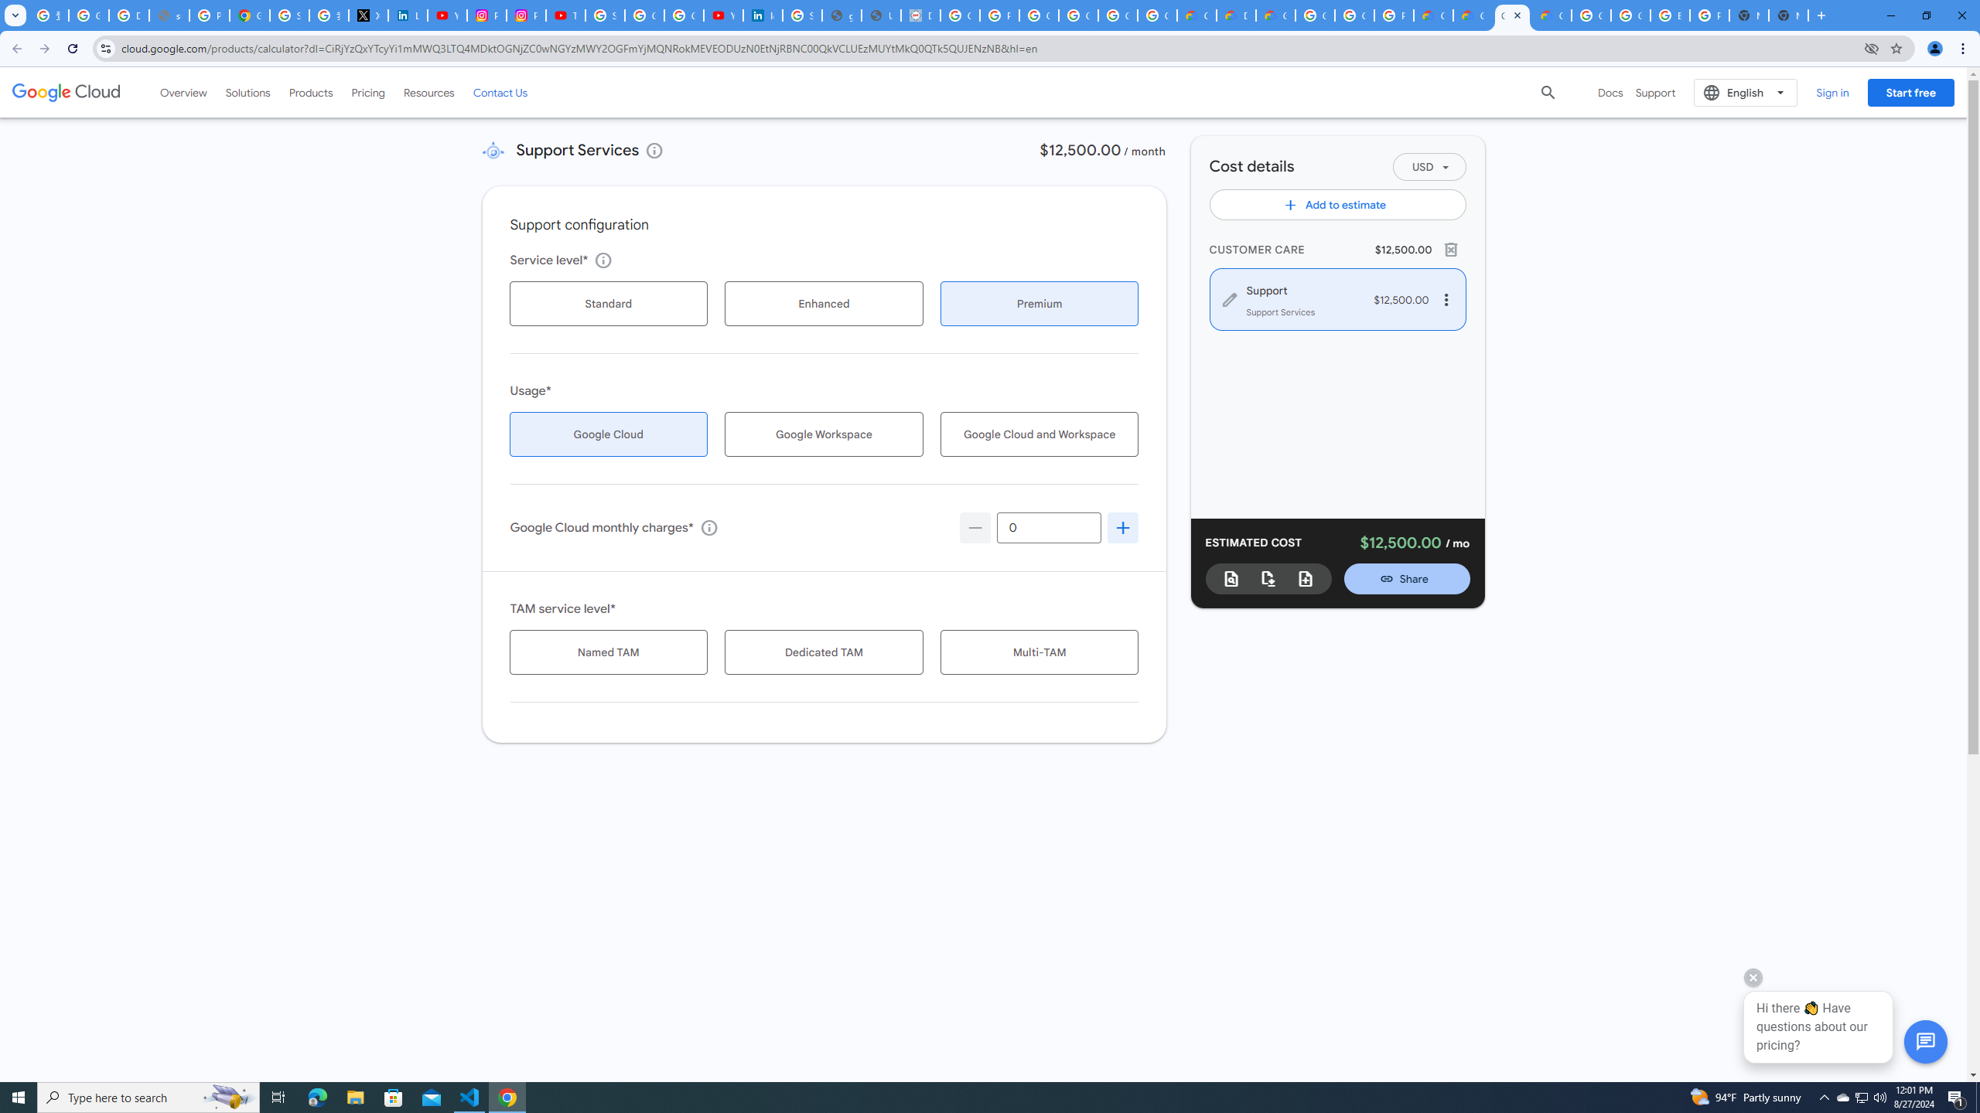 The image size is (1980, 1113). Describe the element at coordinates (247, 91) in the screenshot. I see `'Solutions'` at that location.